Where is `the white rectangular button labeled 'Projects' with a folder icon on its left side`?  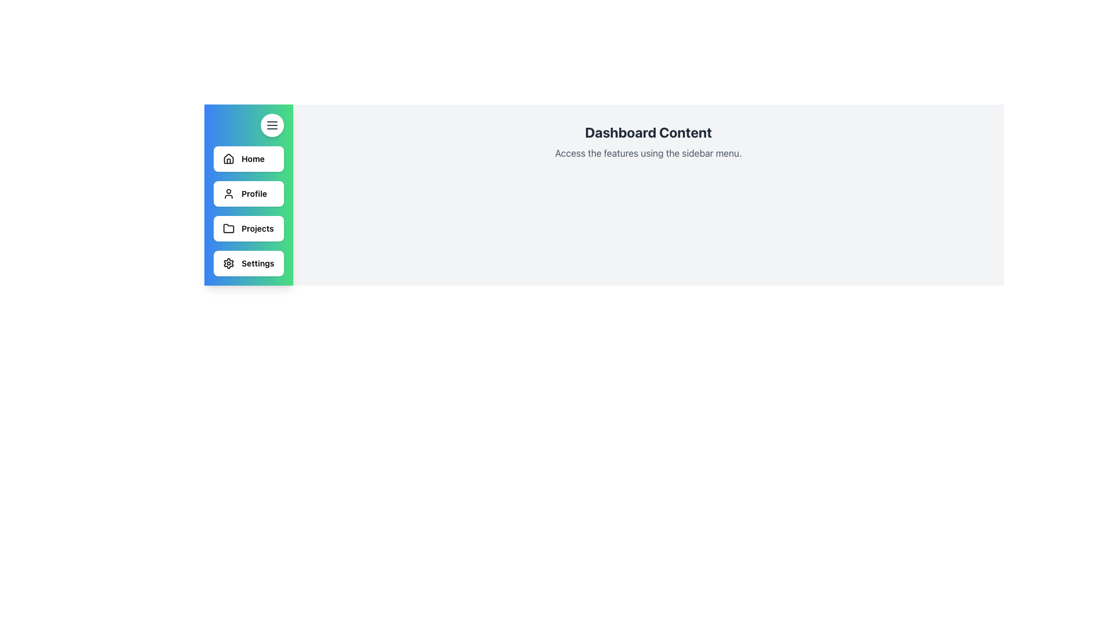
the white rectangular button labeled 'Projects' with a folder icon on its left side is located at coordinates (248, 228).